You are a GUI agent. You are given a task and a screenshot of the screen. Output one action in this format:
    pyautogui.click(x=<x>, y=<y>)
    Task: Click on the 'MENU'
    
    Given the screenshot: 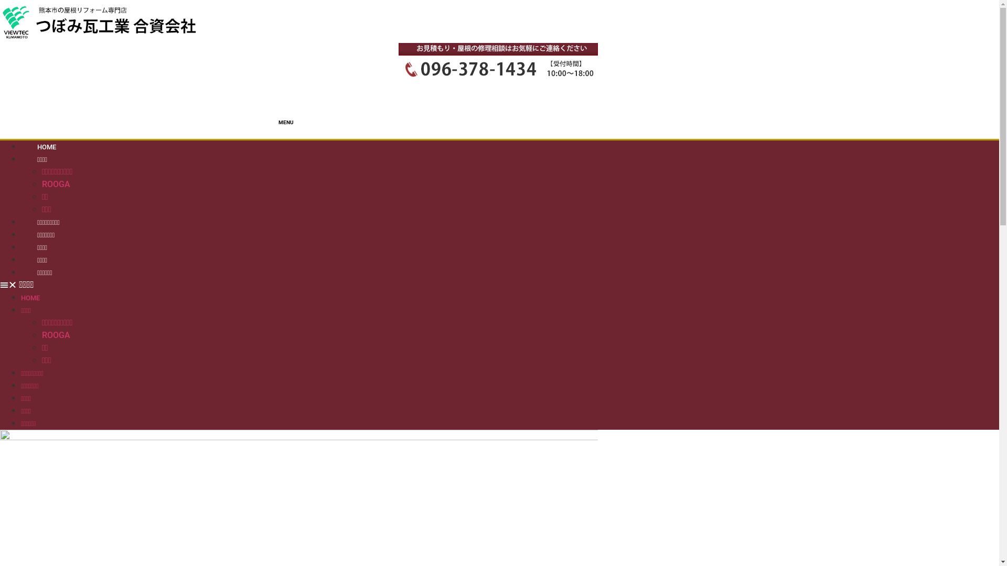 What is the action you would take?
    pyautogui.click(x=298, y=139)
    